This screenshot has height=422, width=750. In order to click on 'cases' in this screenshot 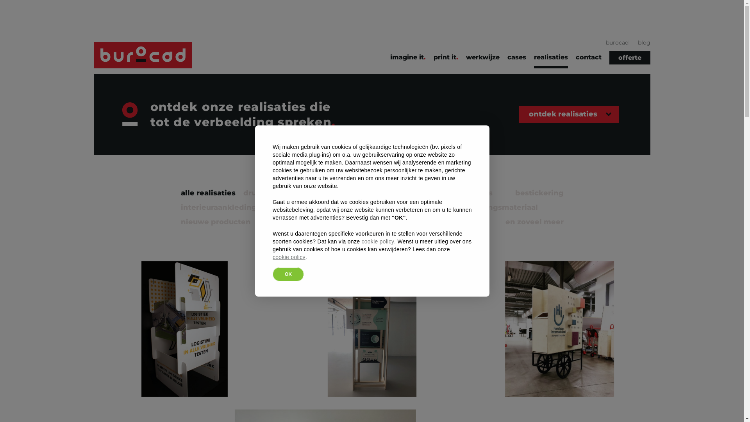, I will do `click(517, 59)`.